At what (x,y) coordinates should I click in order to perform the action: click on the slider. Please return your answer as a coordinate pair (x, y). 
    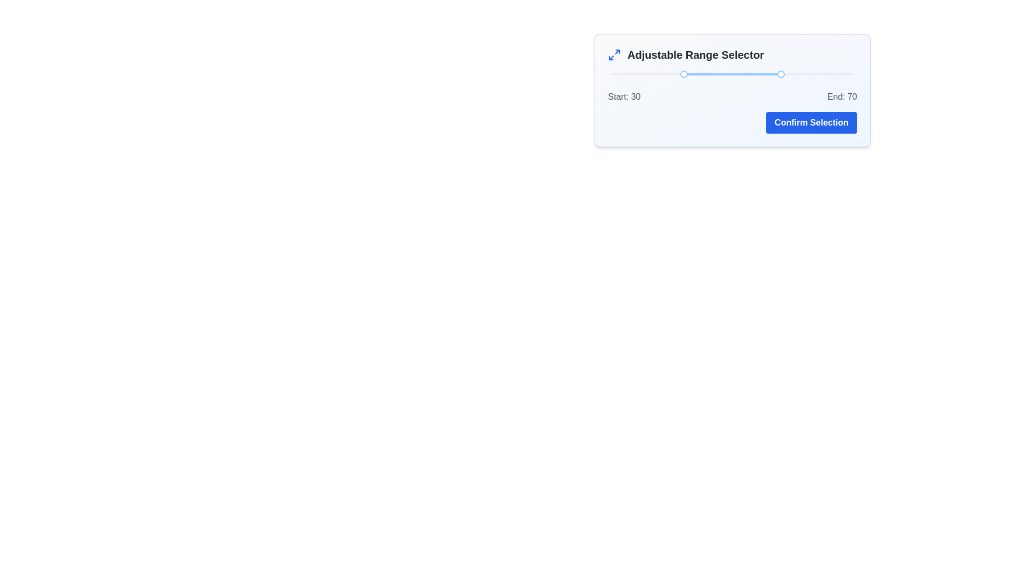
    Looking at the image, I should click on (745, 74).